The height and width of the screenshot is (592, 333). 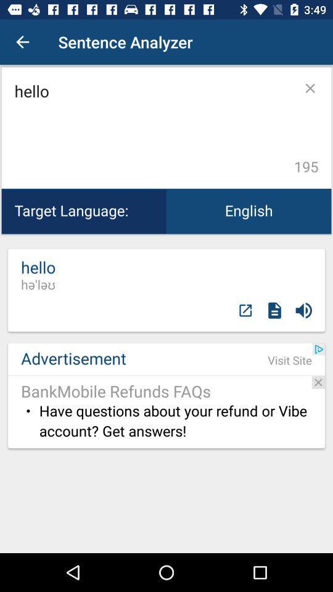 I want to click on item next to target language: item, so click(x=249, y=211).